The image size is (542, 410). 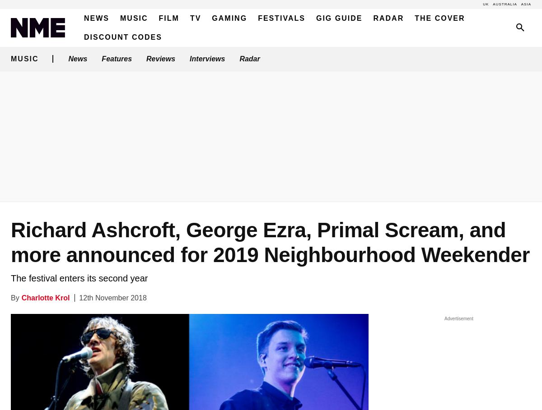 I want to click on '12th November 2018', so click(x=112, y=297).